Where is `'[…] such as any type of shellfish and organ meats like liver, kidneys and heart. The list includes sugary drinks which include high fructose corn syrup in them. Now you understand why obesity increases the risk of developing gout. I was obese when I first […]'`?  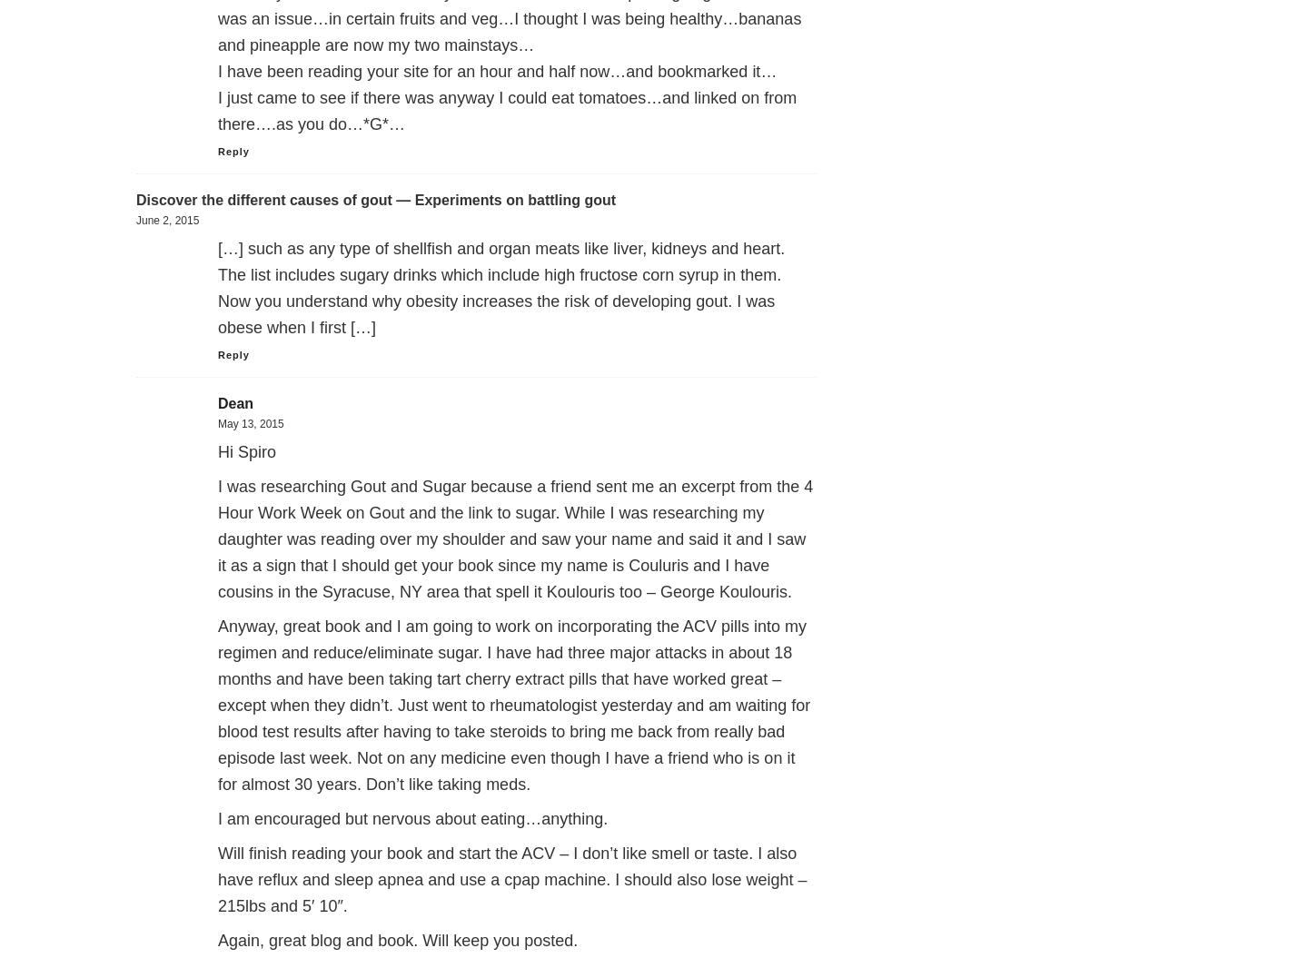
'[…] such as any type of shellfish and organ meats like liver, kidneys and heart. The list includes sugary drinks which include high fructose corn syrup in them. Now you understand why obesity increases the risk of developing gout. I was obese when I first […]' is located at coordinates (218, 287).